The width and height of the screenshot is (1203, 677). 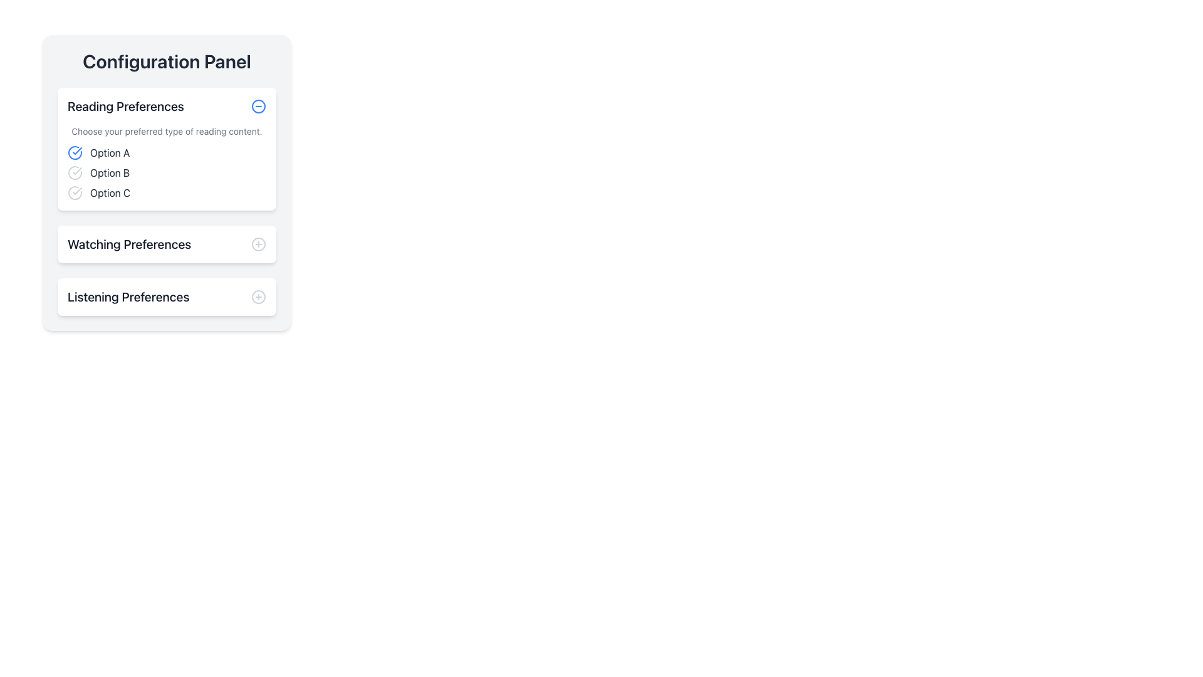 I want to click on the 'Listening Preferences' button, which consists of the text label and a '+' icon, so click(x=166, y=297).